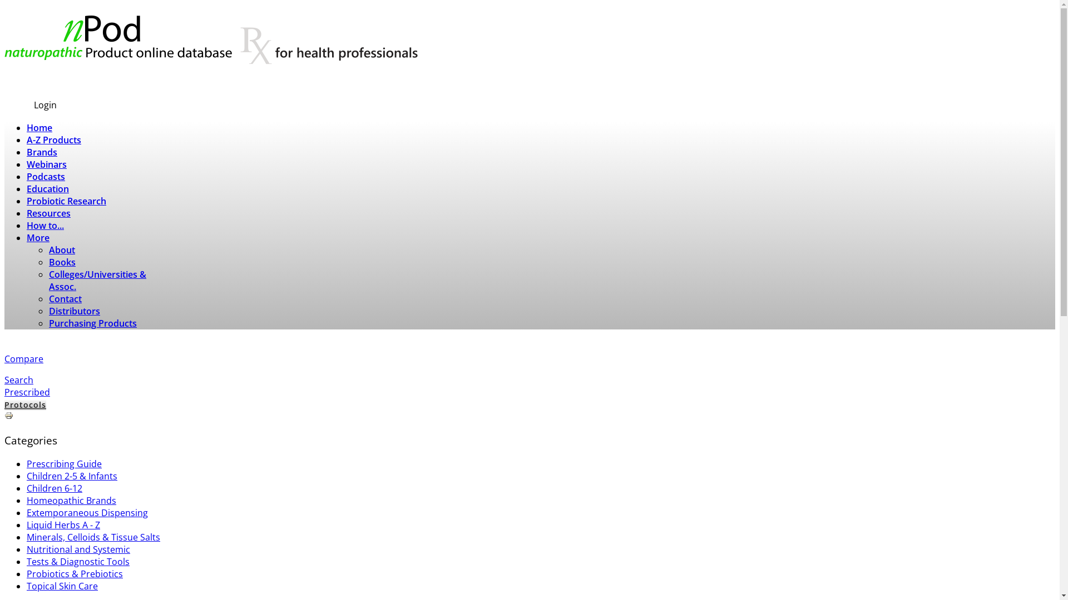 The height and width of the screenshot is (600, 1068). What do you see at coordinates (53, 139) in the screenshot?
I see `'A-Z Products'` at bounding box center [53, 139].